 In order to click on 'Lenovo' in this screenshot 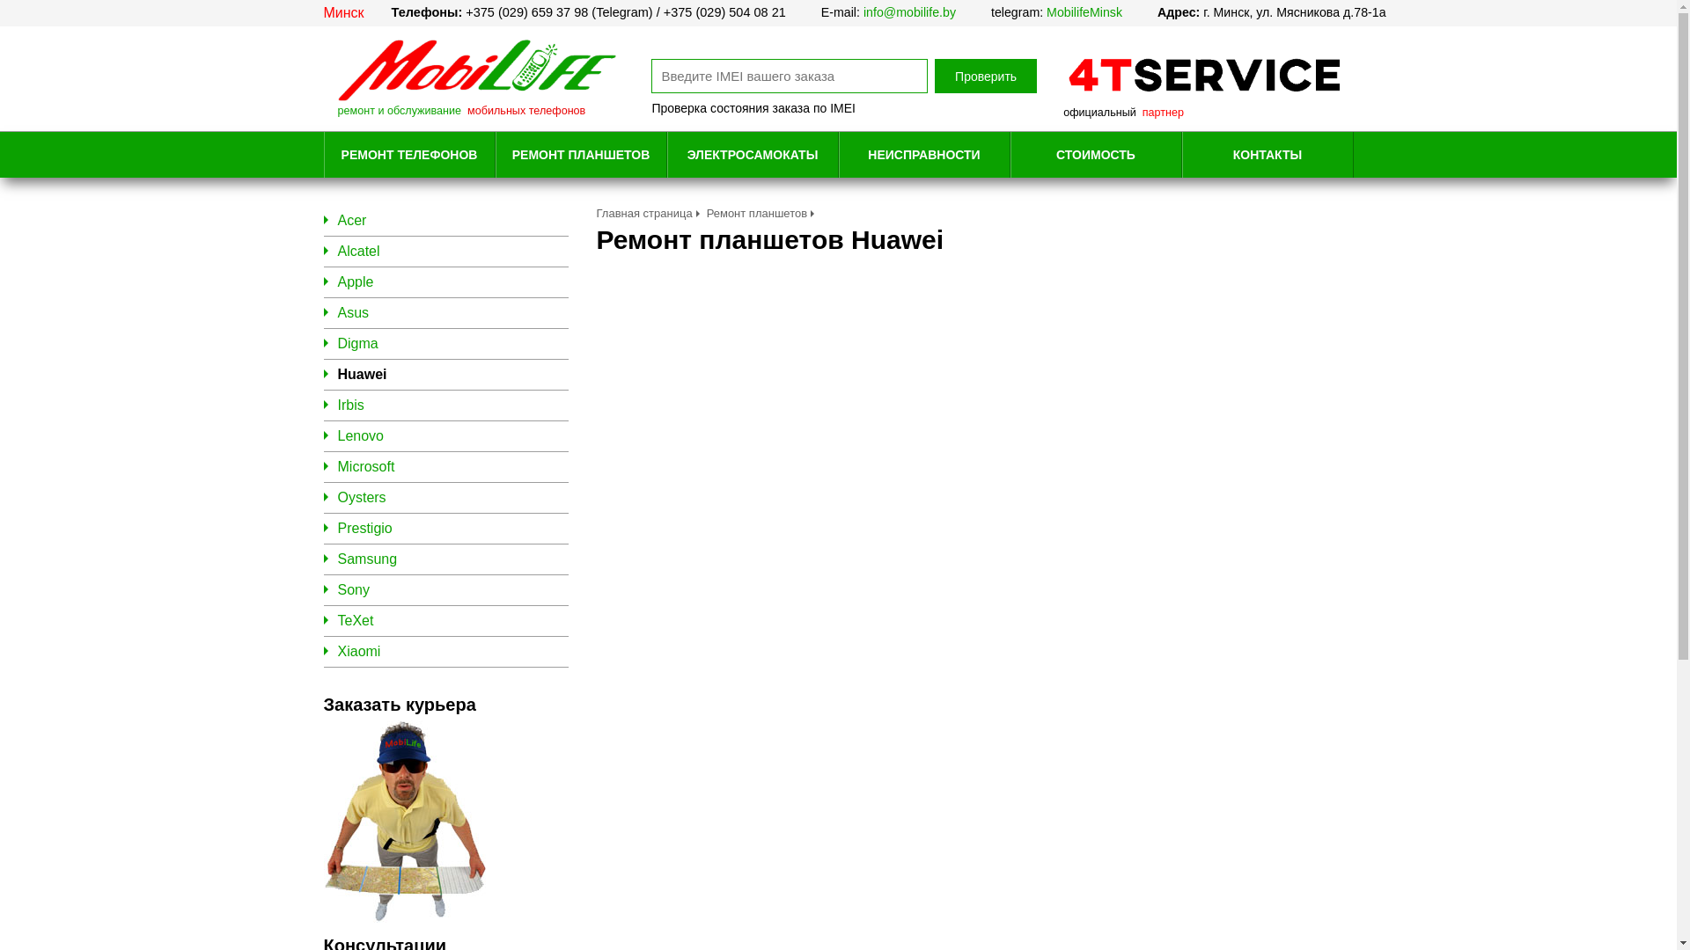, I will do `click(338, 435)`.